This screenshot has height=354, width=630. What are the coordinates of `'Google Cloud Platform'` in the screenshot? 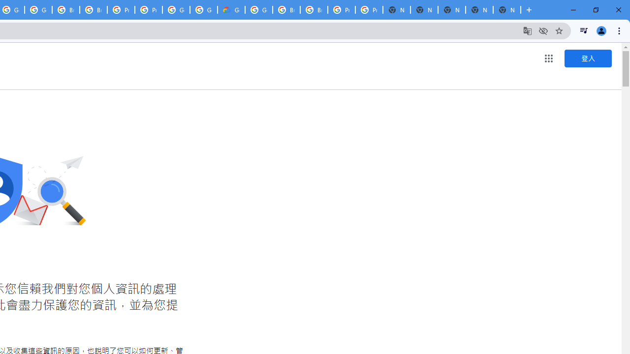 It's located at (259, 10).